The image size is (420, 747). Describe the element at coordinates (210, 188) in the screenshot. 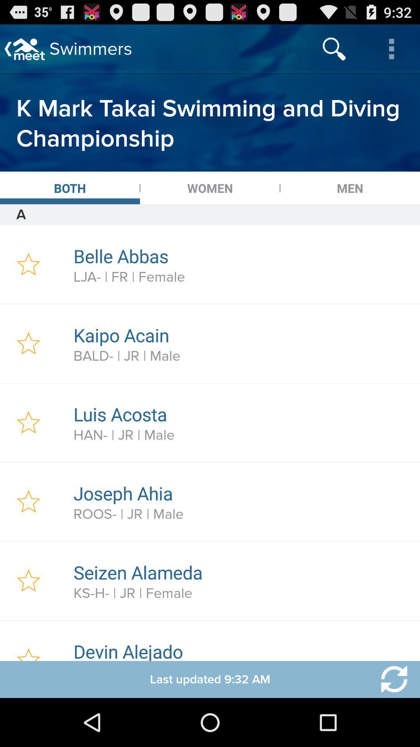

I see `item below the k mark takai item` at that location.